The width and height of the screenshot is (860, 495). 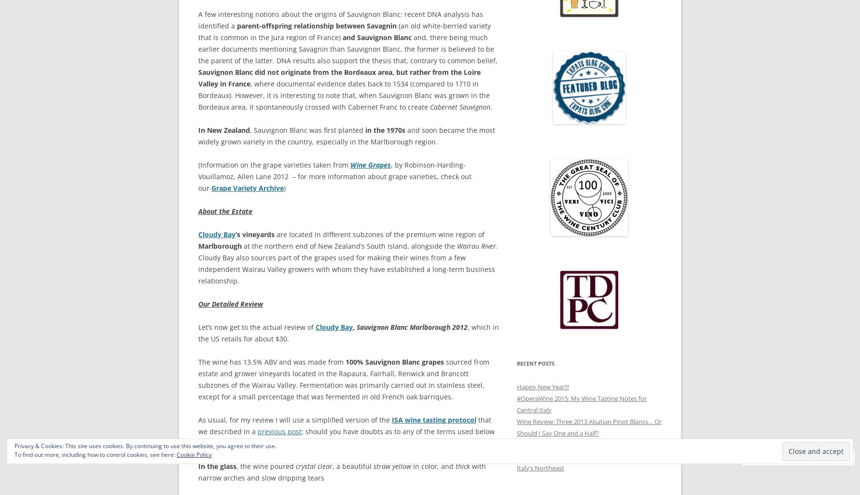 I want to click on '‘s vineyards', so click(x=254, y=234).